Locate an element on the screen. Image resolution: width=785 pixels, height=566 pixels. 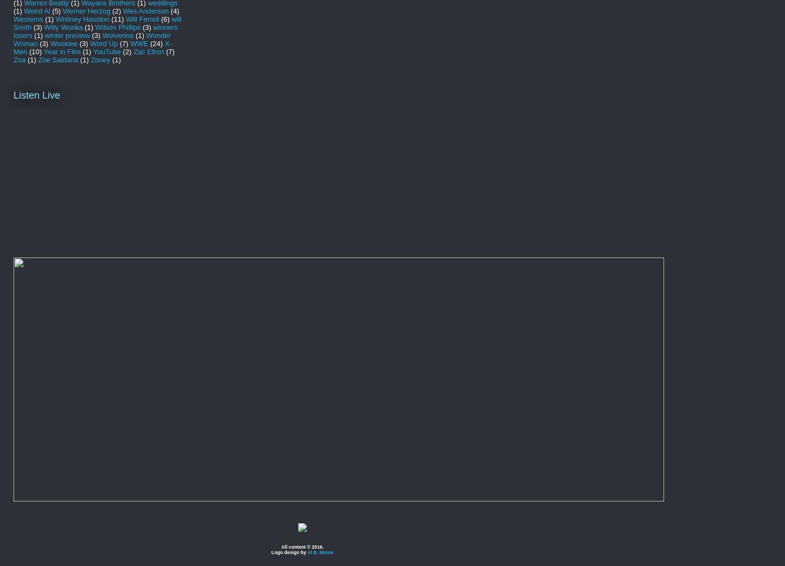
'winter preview' is located at coordinates (66, 34).